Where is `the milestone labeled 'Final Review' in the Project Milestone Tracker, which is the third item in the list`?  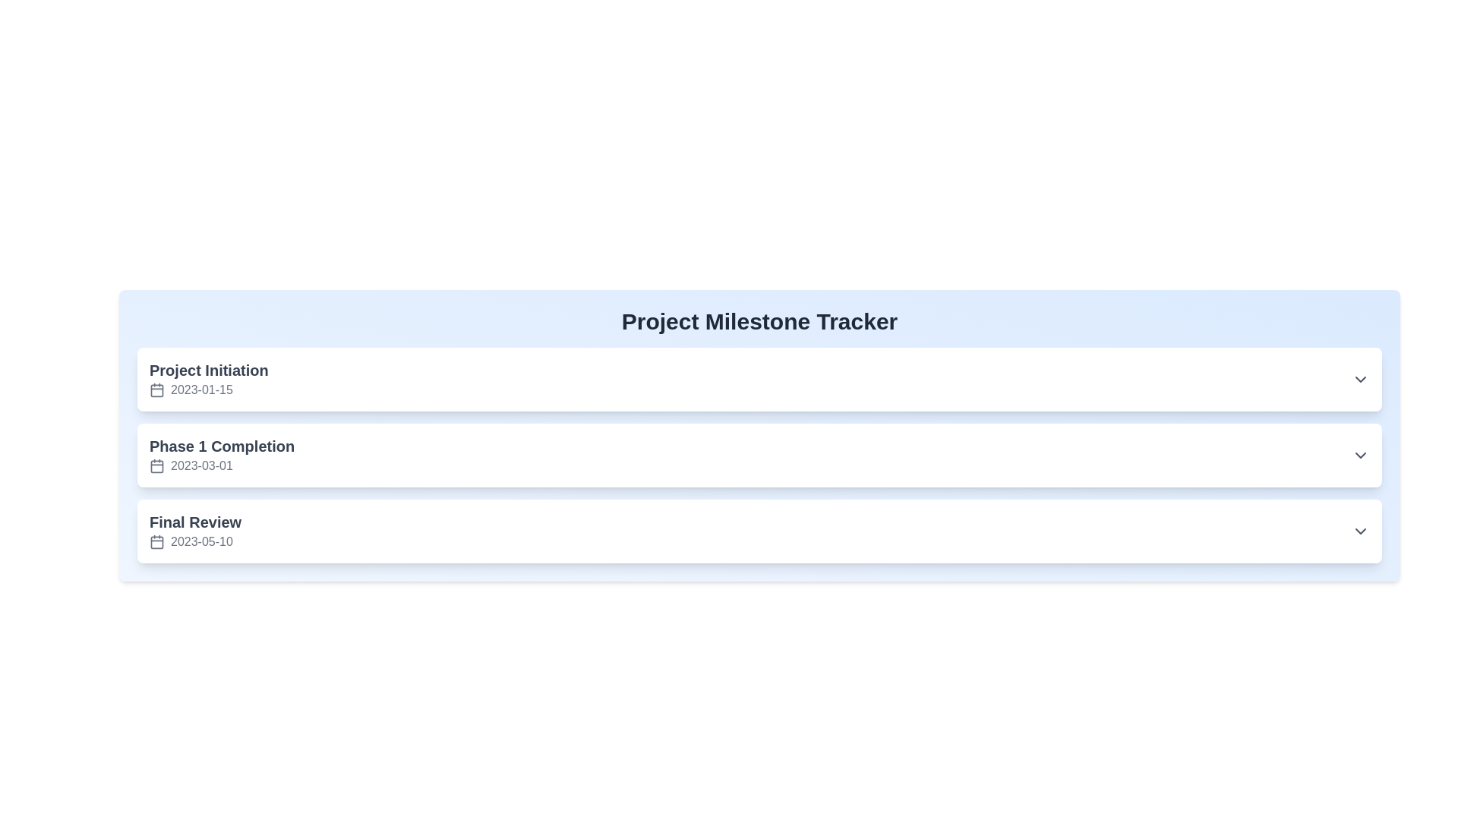
the milestone labeled 'Final Review' in the Project Milestone Tracker, which is the third item in the list is located at coordinates (194, 530).